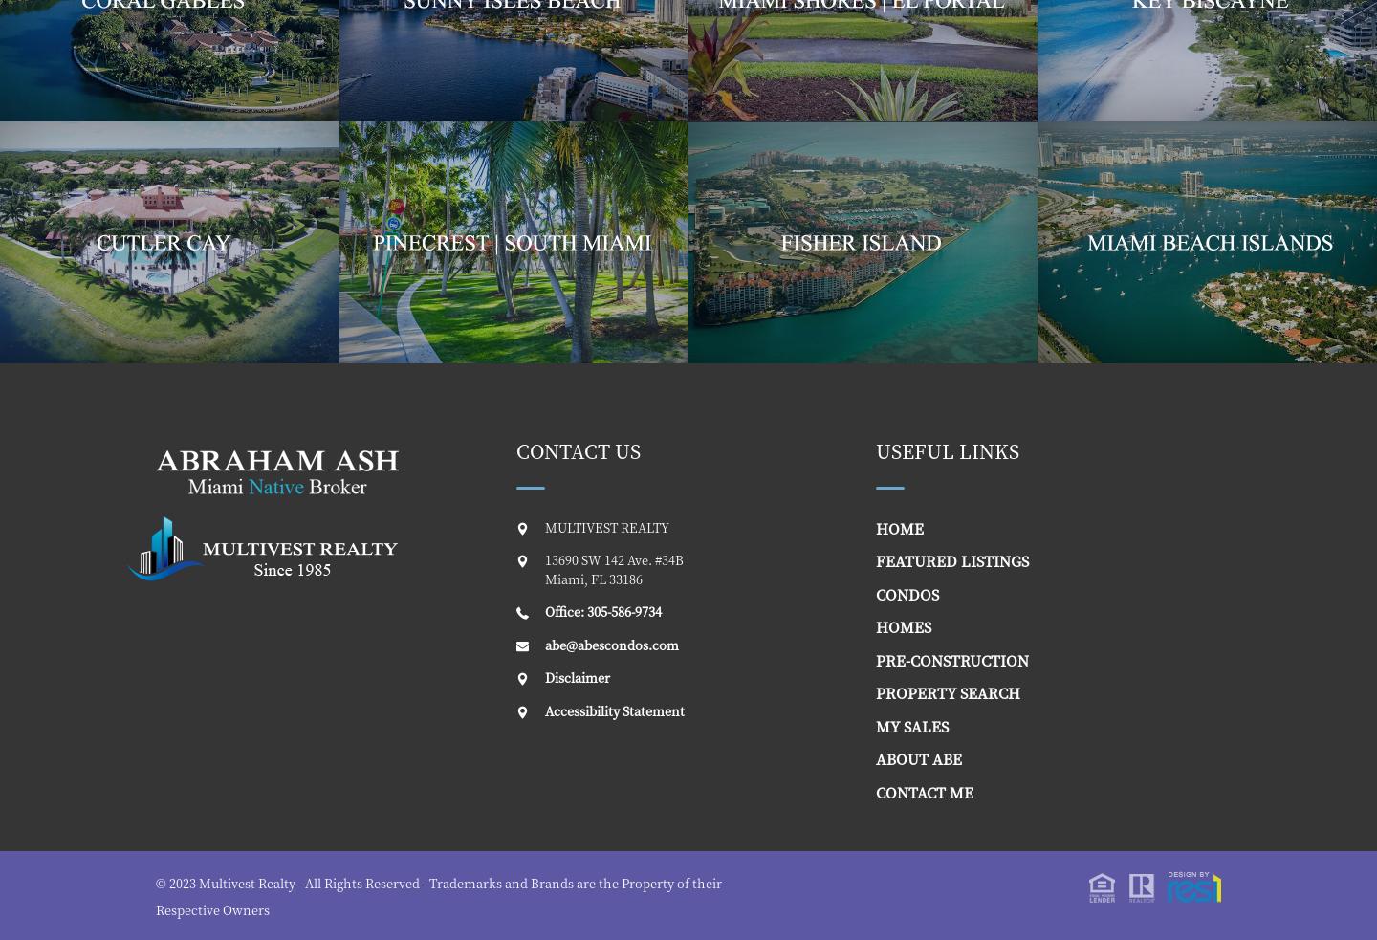 Image resolution: width=1377 pixels, height=940 pixels. Describe the element at coordinates (623, 578) in the screenshot. I see `'33186'` at that location.